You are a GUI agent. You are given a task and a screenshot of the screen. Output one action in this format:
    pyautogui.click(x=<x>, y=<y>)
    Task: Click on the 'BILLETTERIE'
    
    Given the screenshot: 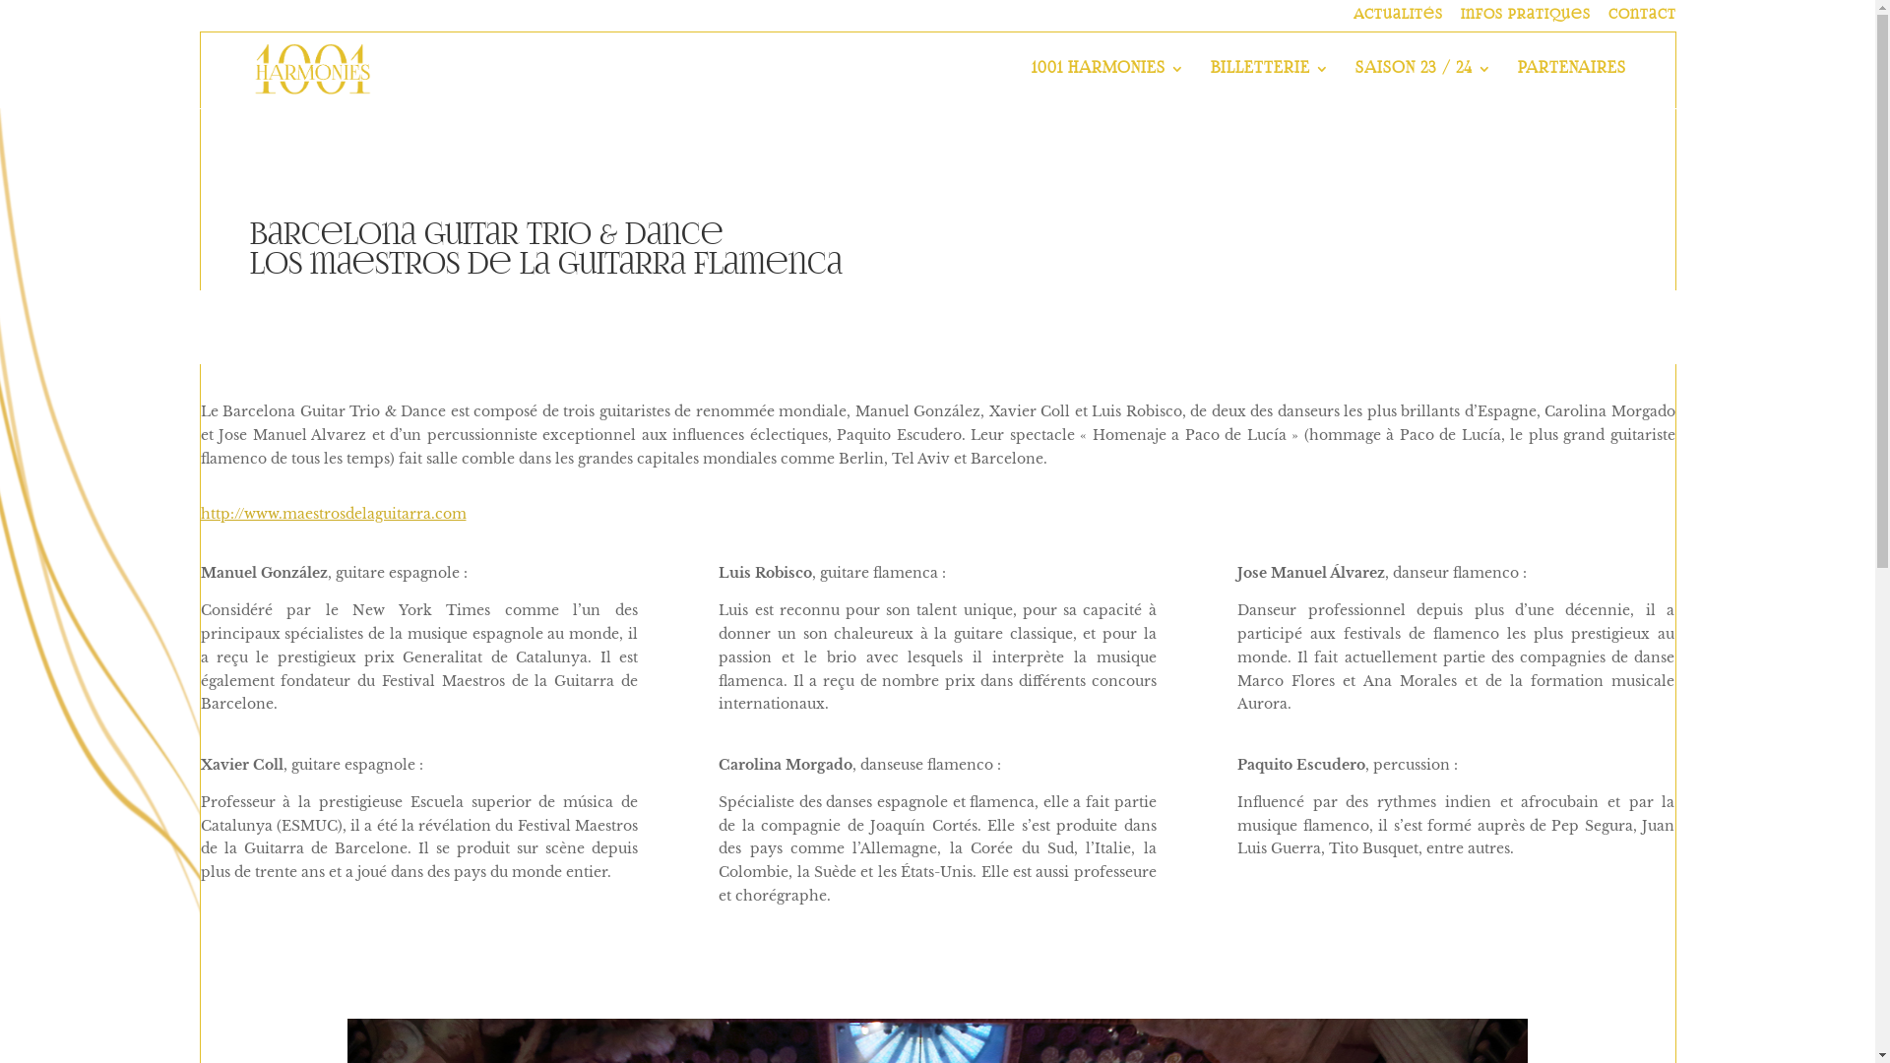 What is the action you would take?
    pyautogui.click(x=1270, y=84)
    